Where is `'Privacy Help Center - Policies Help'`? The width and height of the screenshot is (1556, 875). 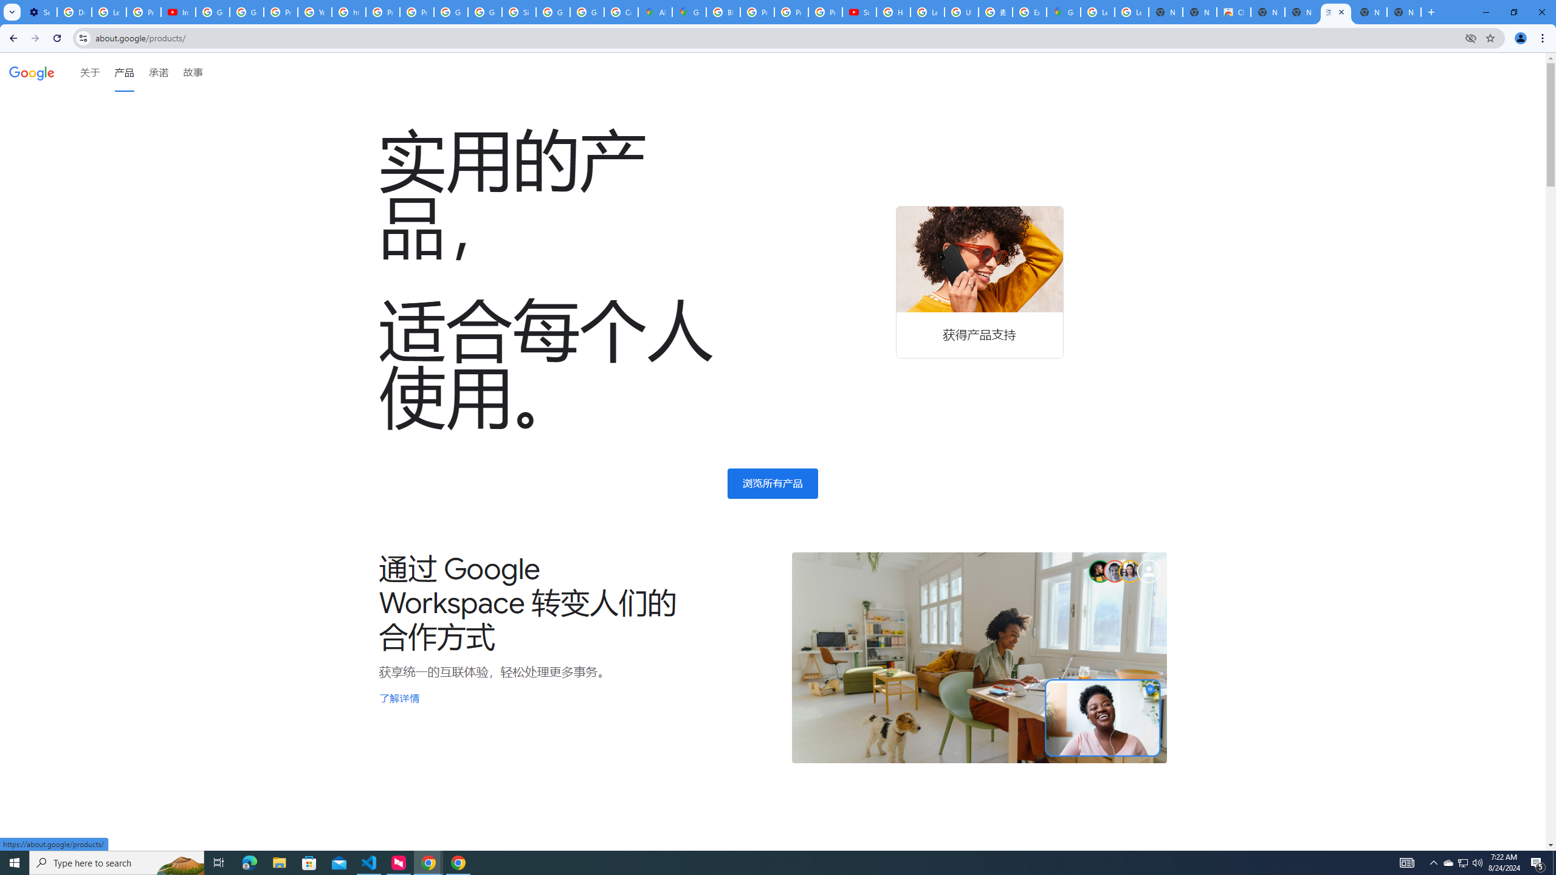 'Privacy Help Center - Policies Help' is located at coordinates (756, 12).